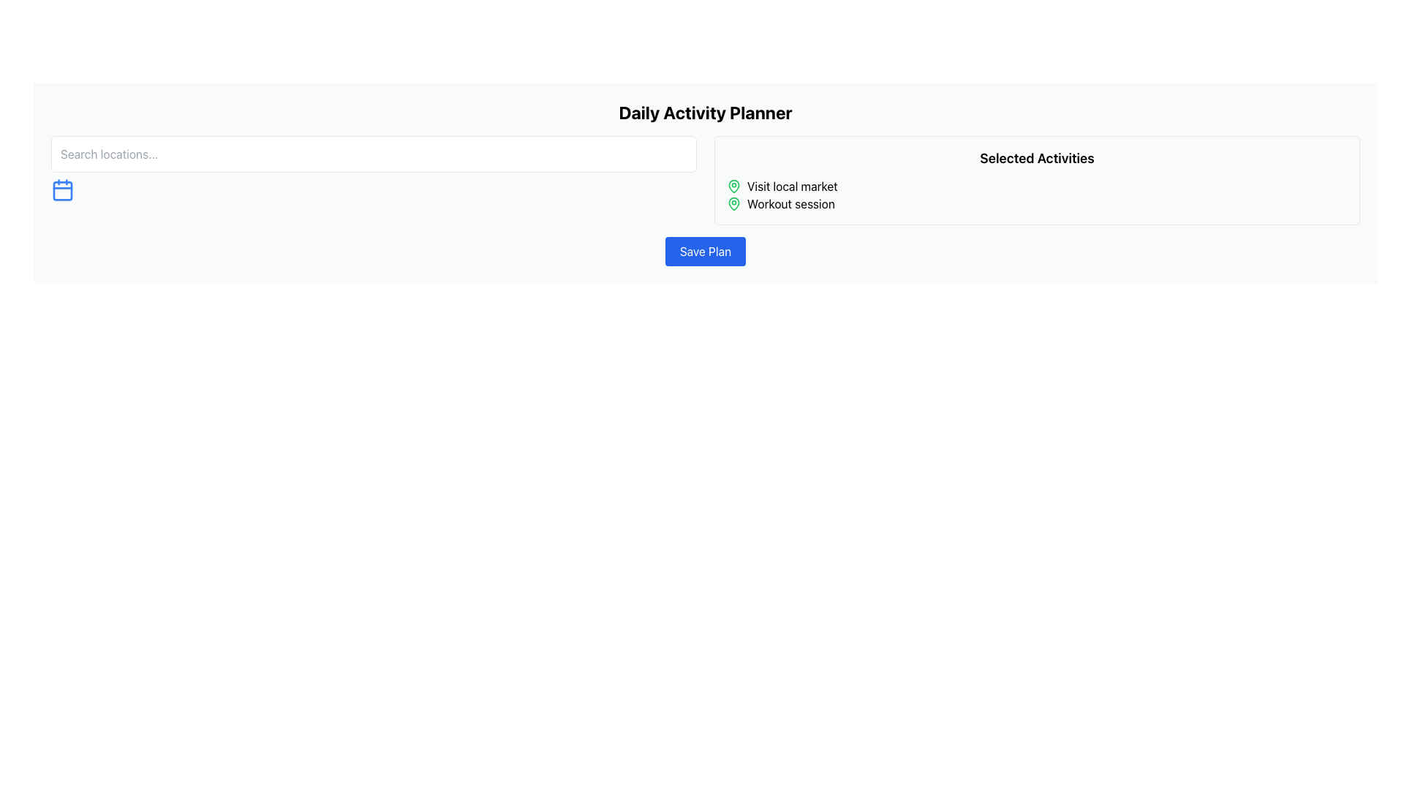 This screenshot has width=1404, height=790. I want to click on the green stroke location pin icon in the 'Selected Activities' section near the 'Workout session' text, so click(733, 185).